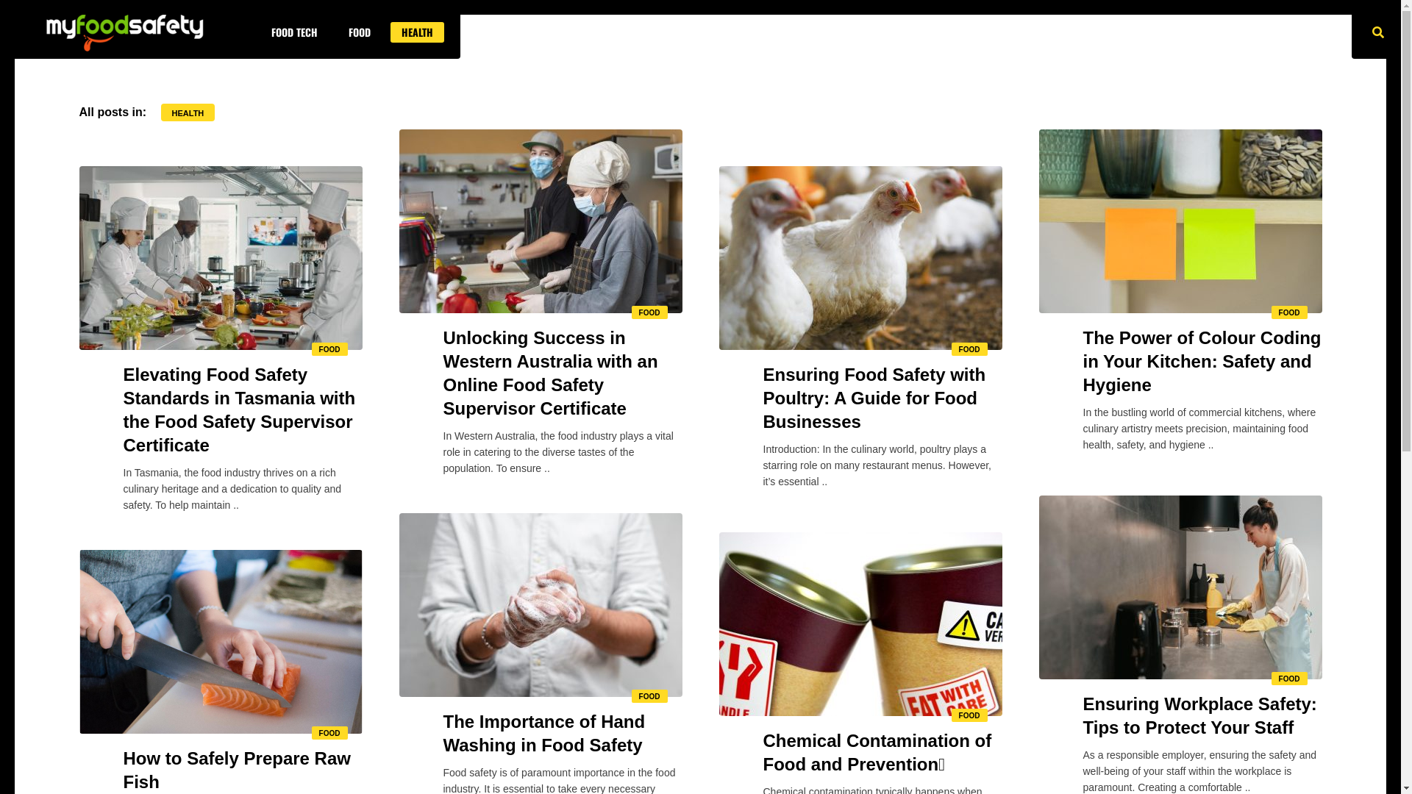 The height and width of the screenshot is (794, 1412). What do you see at coordinates (329, 733) in the screenshot?
I see `'FOOD'` at bounding box center [329, 733].